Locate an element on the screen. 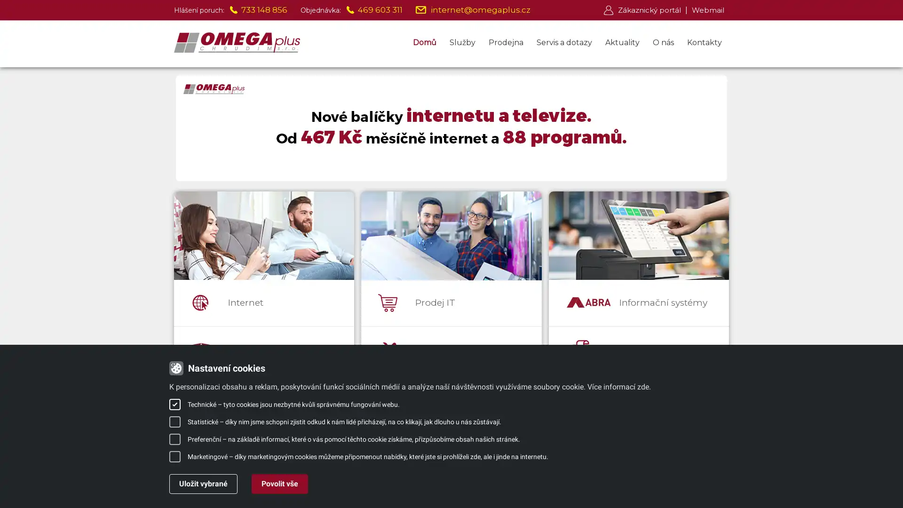 The width and height of the screenshot is (903, 508). Ulozit vybrane is located at coordinates (203, 484).